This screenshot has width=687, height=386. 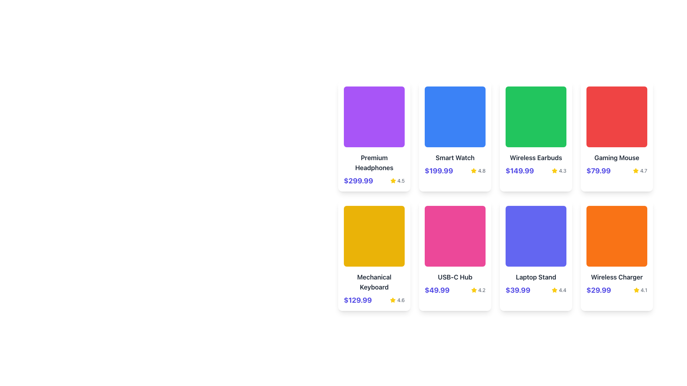 I want to click on text from the 'Laptop Stand' label, which is a bold, dark gray text component located within the product card, positioned below the image and above the price information, so click(x=536, y=277).